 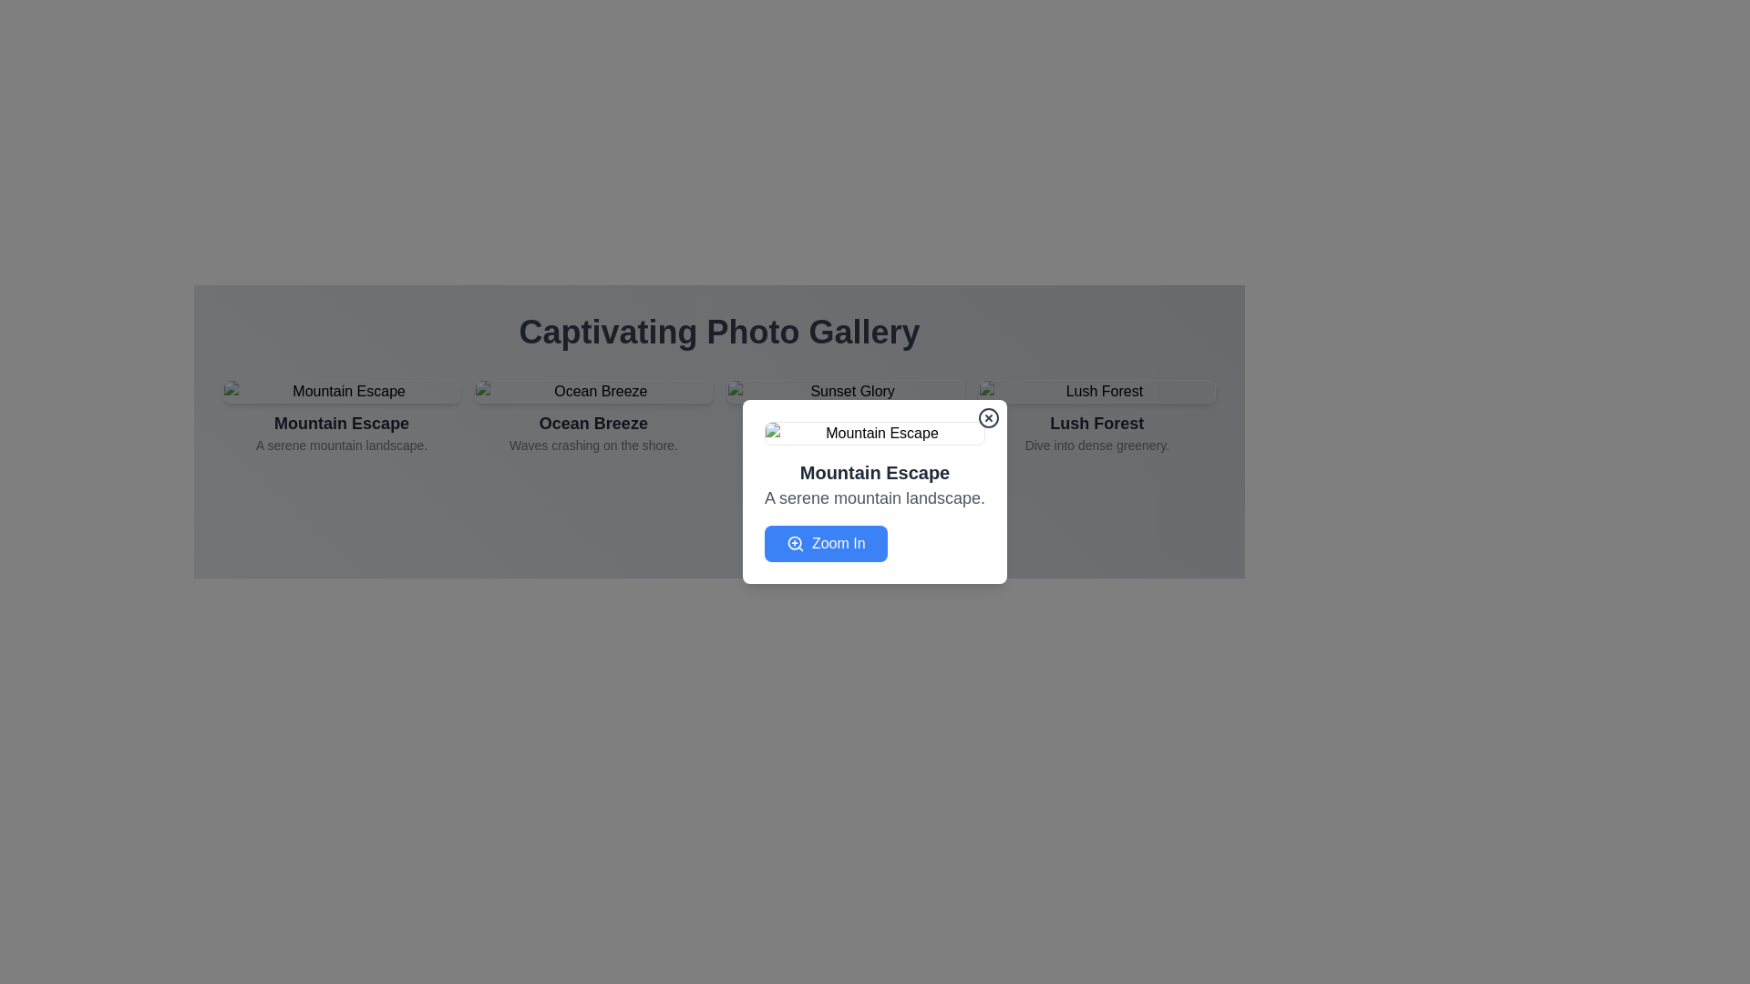 What do you see at coordinates (987, 418) in the screenshot?
I see `the circular button with a cross icon located at the top-right corner of the card displaying 'Mountain Escape' to change its color to red` at bounding box center [987, 418].